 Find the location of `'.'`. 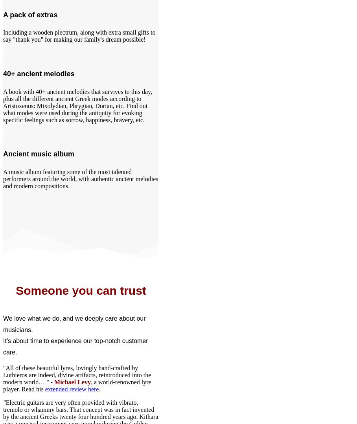

'.' is located at coordinates (99, 389).